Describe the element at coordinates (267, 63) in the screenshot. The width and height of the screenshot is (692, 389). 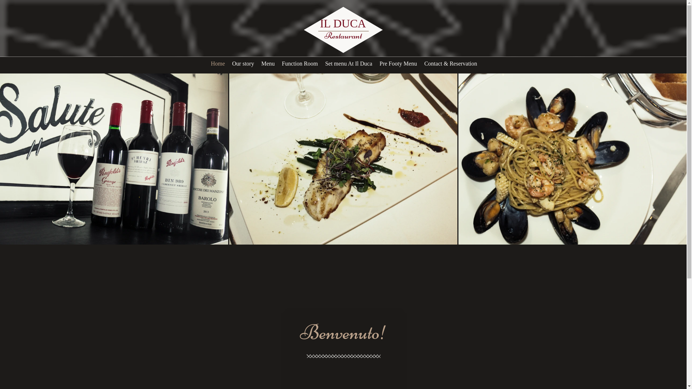
I see `'Menu'` at that location.